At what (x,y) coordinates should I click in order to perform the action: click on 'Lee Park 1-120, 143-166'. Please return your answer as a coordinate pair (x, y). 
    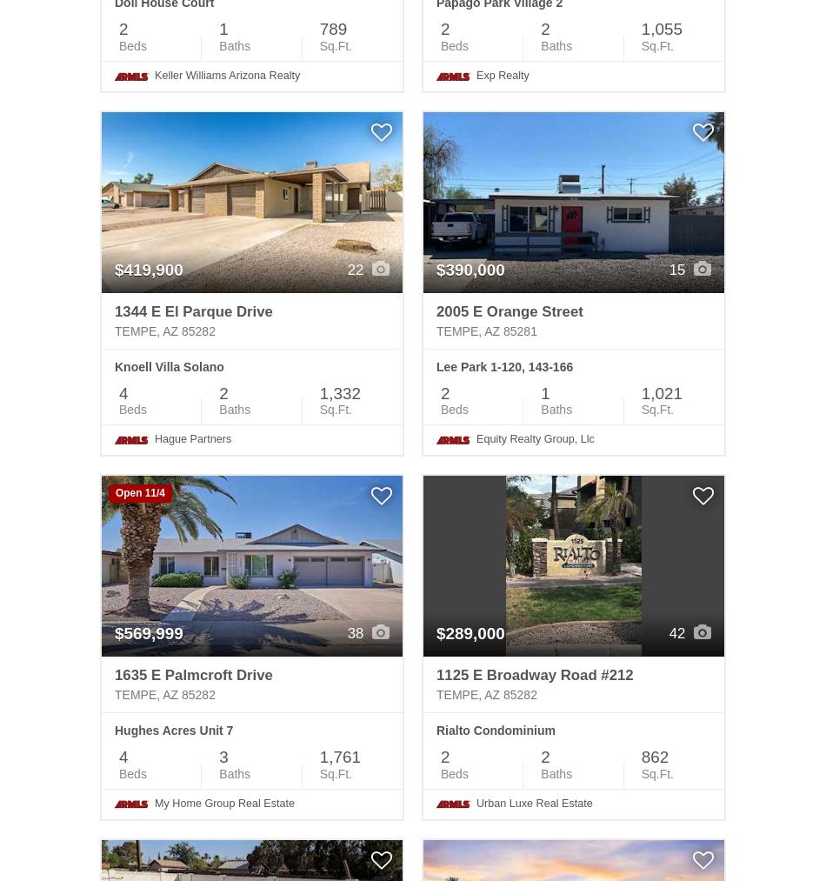
    Looking at the image, I should click on (436, 365).